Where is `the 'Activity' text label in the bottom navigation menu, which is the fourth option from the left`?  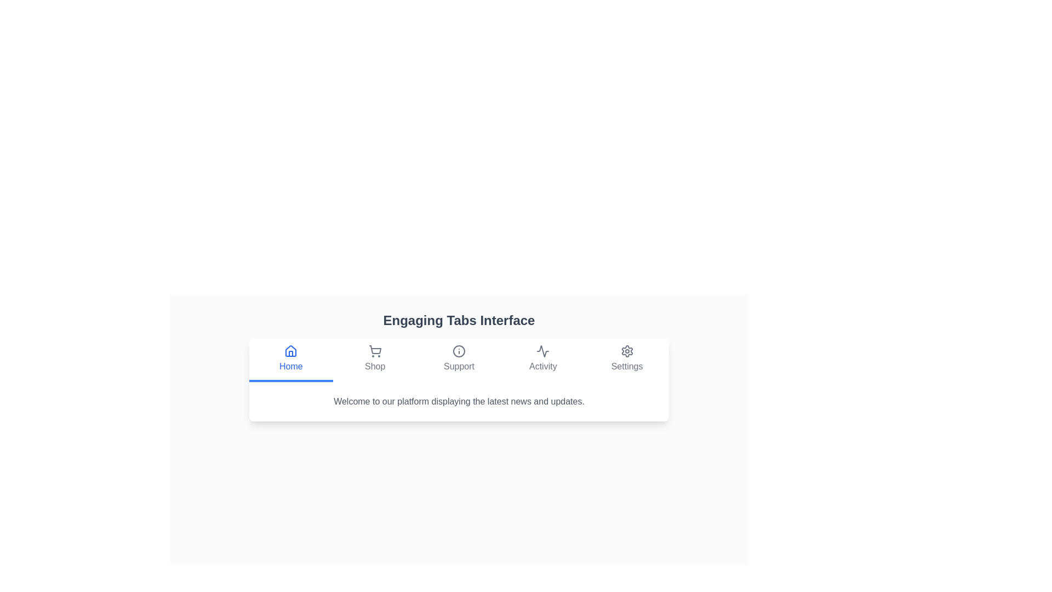
the 'Activity' text label in the bottom navigation menu, which is the fourth option from the left is located at coordinates (543, 366).